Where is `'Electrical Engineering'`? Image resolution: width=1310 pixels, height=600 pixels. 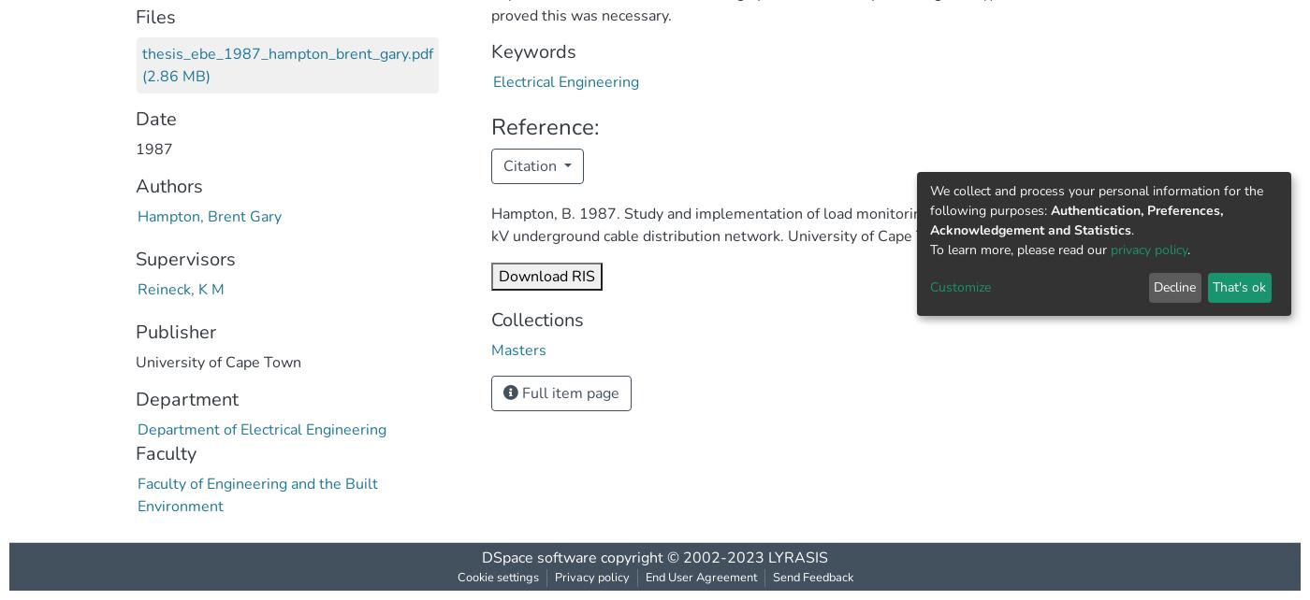 'Electrical Engineering' is located at coordinates (565, 80).